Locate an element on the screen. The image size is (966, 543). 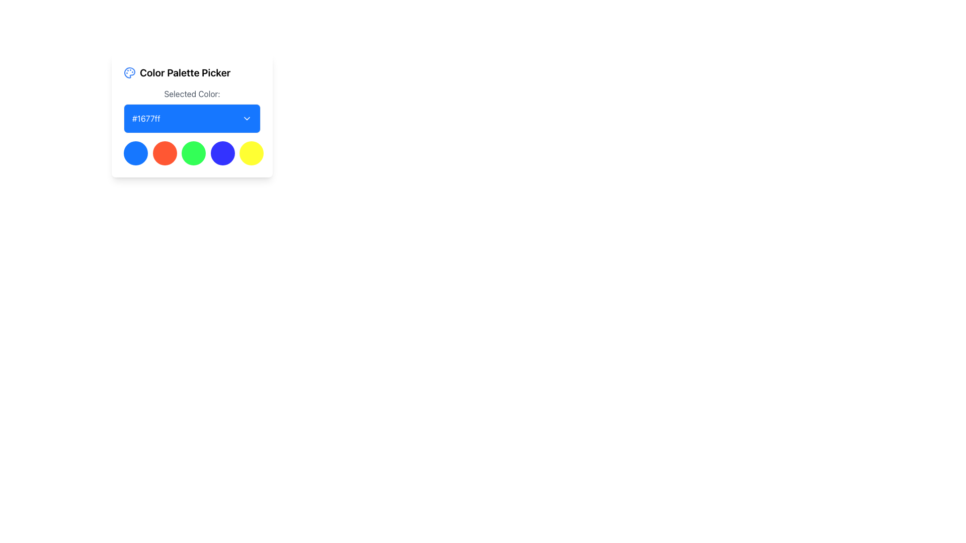
the second circular color selection button, which is bright red is located at coordinates (165, 153).